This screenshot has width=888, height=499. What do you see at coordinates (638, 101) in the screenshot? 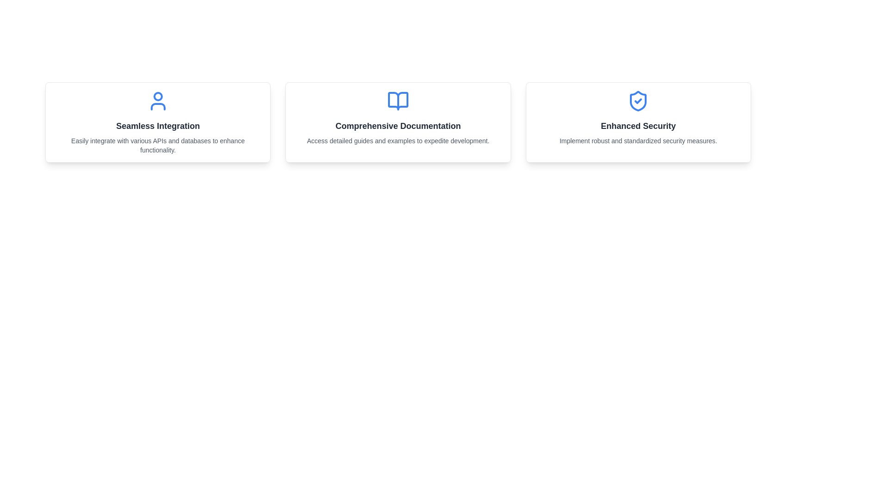
I see `the 'Enhanced Security' icon located in the third block of the feature cards, which visually reinforces the concept of enhanced security` at bounding box center [638, 101].